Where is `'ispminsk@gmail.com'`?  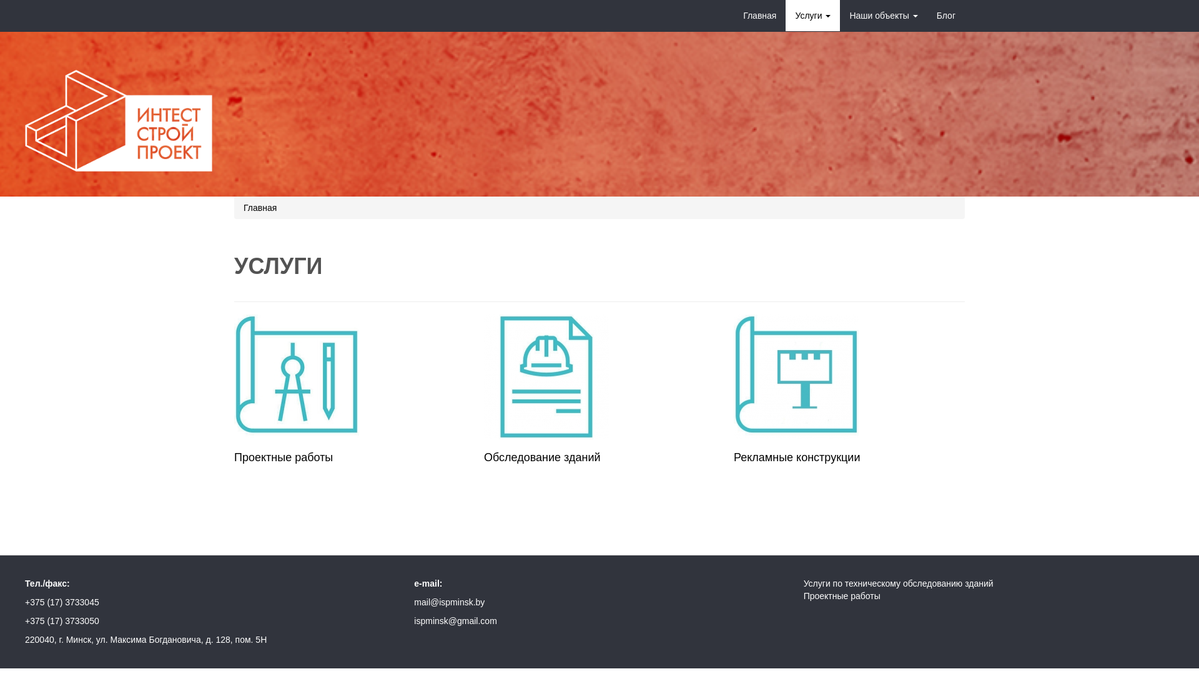
'ispminsk@gmail.com' is located at coordinates (413, 621).